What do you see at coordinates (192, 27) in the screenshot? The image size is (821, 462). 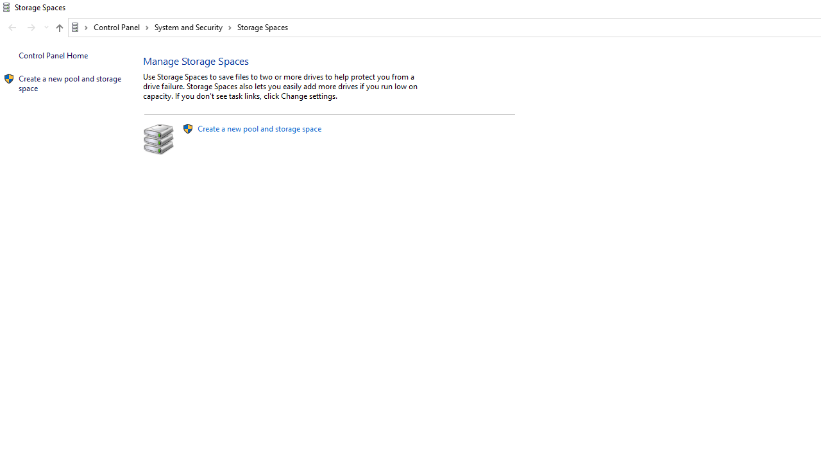 I see `'System and Security'` at bounding box center [192, 27].